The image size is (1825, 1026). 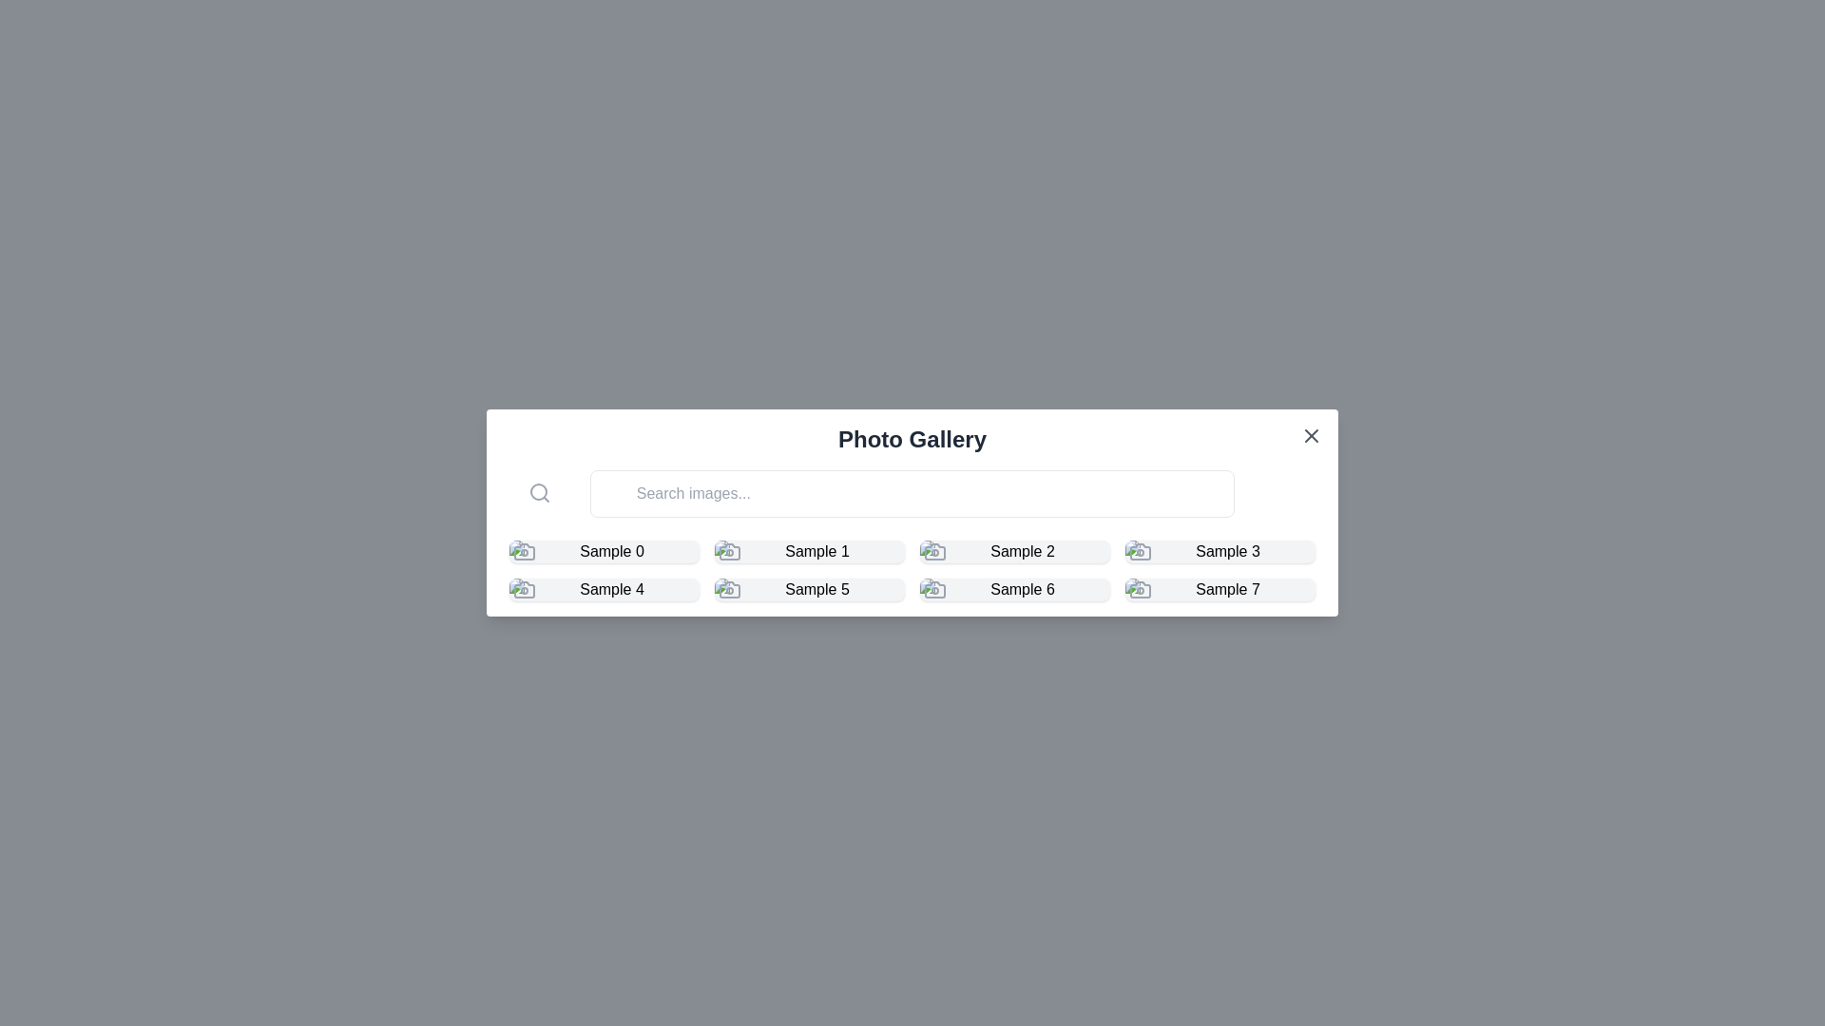 What do you see at coordinates (934, 552) in the screenshot?
I see `the icon located on the third thumbnail in the first row of images, which serves as an indicator or overlay for the associated thumbnail content` at bounding box center [934, 552].